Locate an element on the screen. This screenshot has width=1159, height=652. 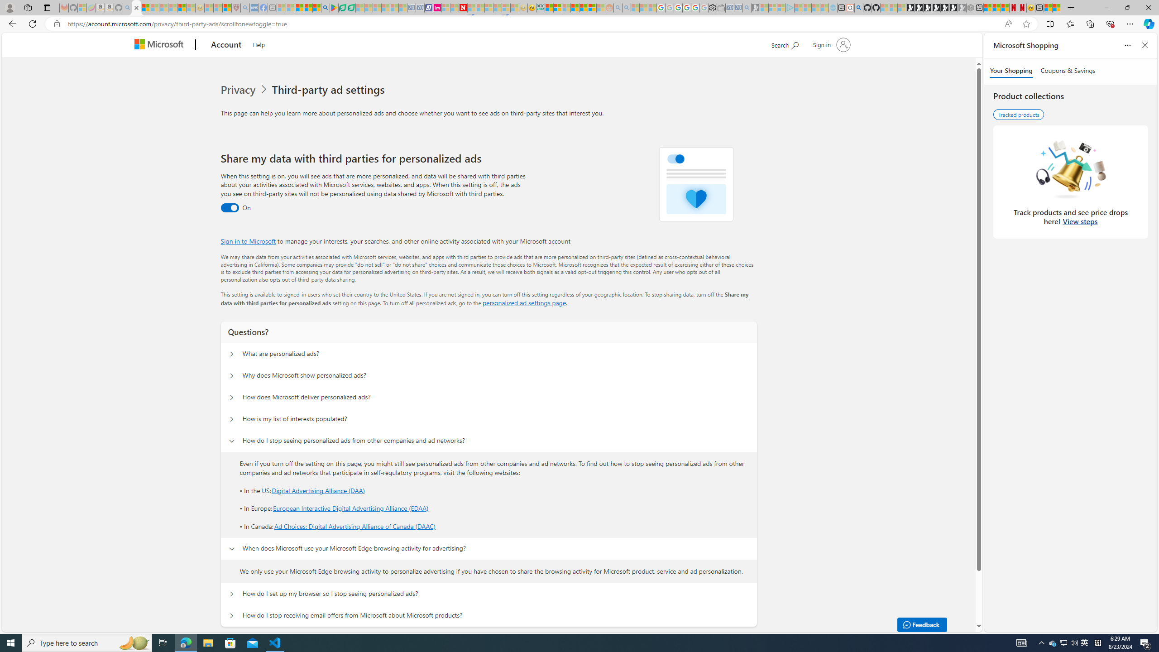
'Digital Advertising Alliance (DAA)' is located at coordinates (317, 489).